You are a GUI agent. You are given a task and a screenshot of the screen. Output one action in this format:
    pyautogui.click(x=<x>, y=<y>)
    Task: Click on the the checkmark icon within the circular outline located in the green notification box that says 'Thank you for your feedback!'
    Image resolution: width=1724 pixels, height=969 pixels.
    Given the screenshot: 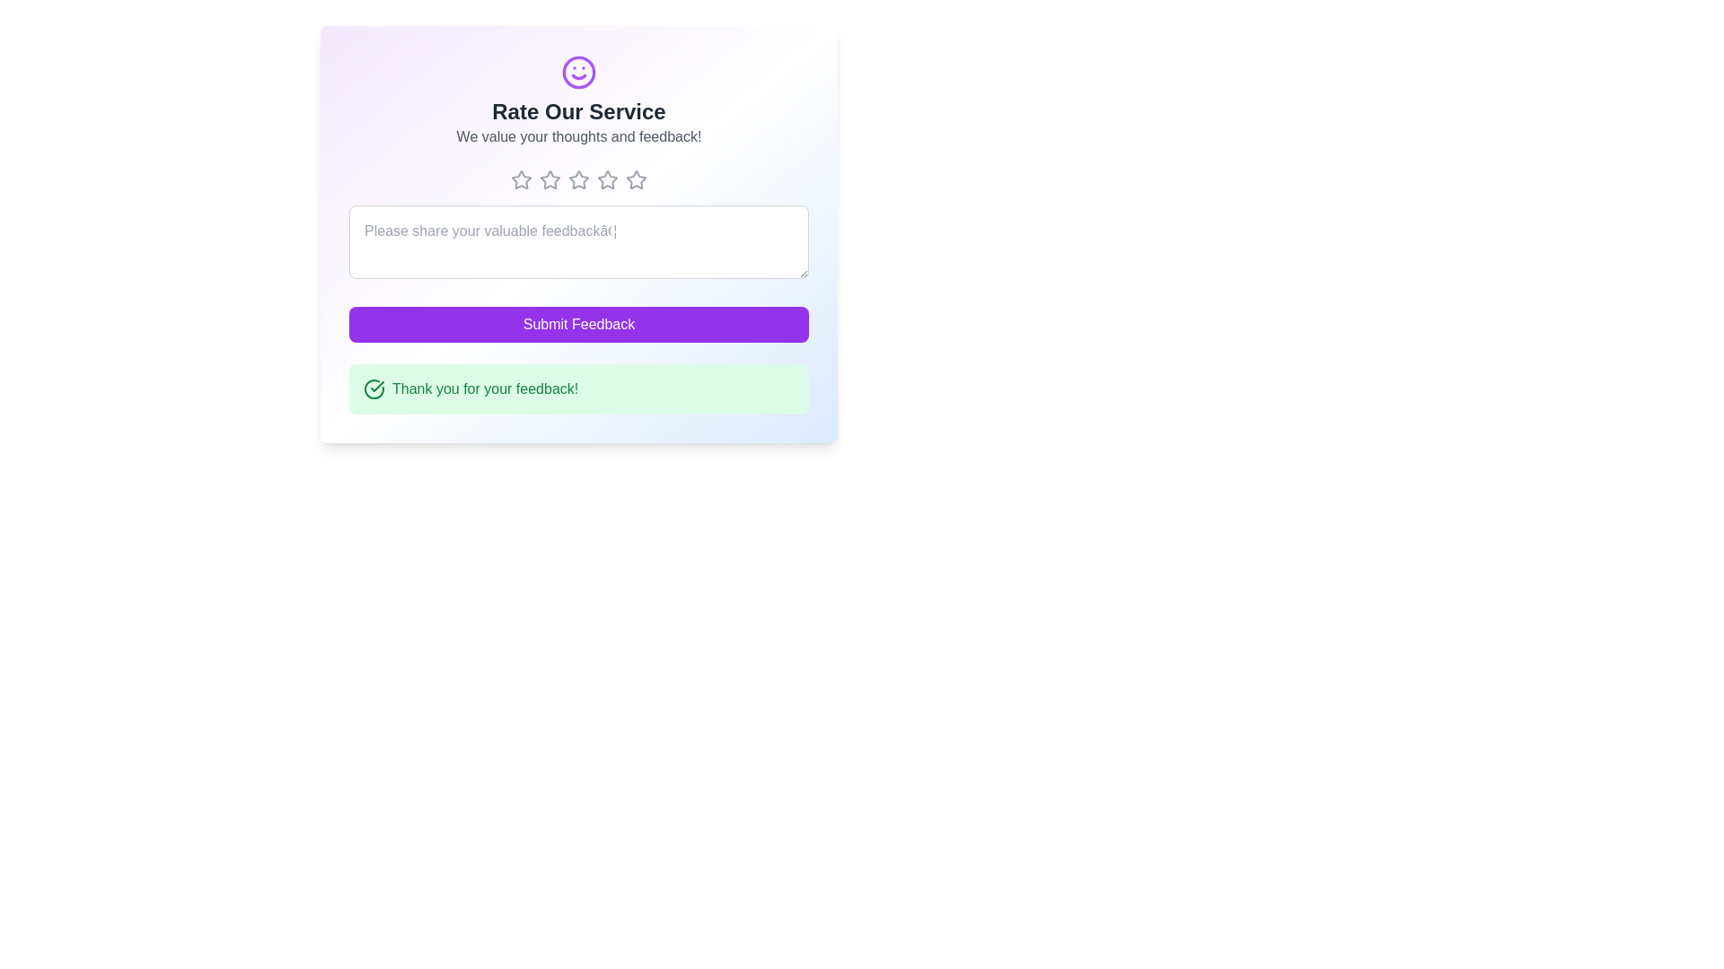 What is the action you would take?
    pyautogui.click(x=376, y=386)
    